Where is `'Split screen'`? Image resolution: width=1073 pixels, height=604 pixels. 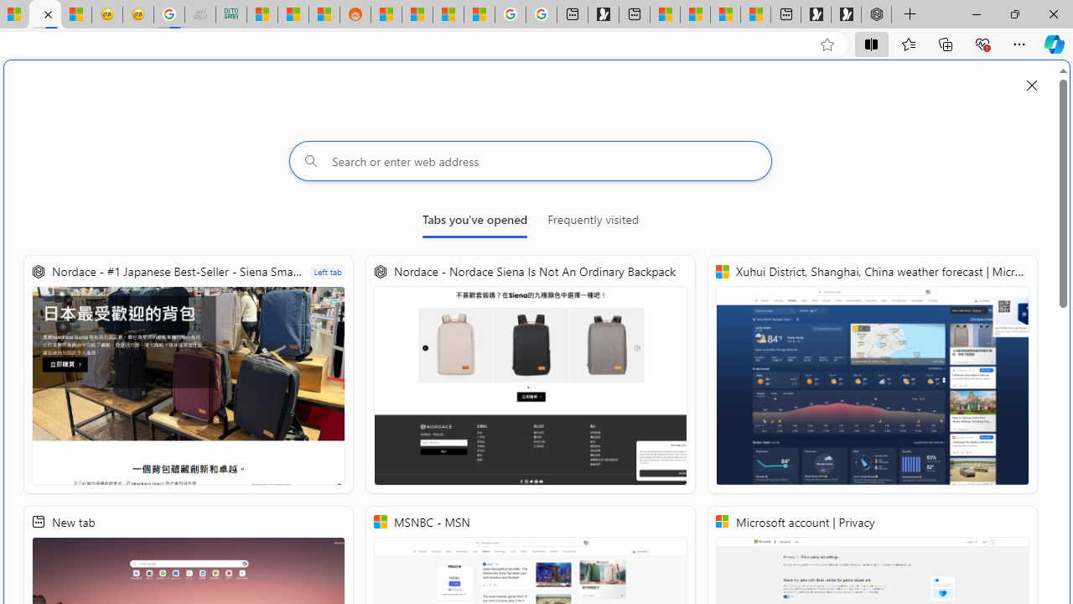
'Split screen' is located at coordinates (872, 43).